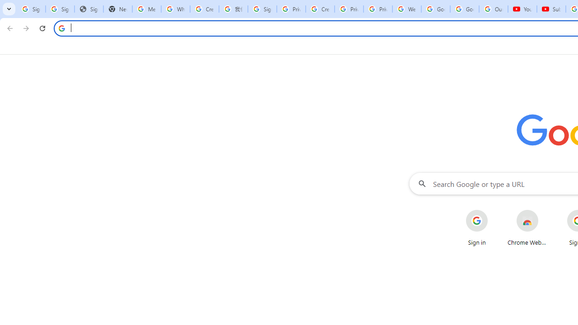 The height and width of the screenshot is (325, 578). Describe the element at coordinates (545, 210) in the screenshot. I see `'More actions for Chrome Web Store shortcut'` at that location.